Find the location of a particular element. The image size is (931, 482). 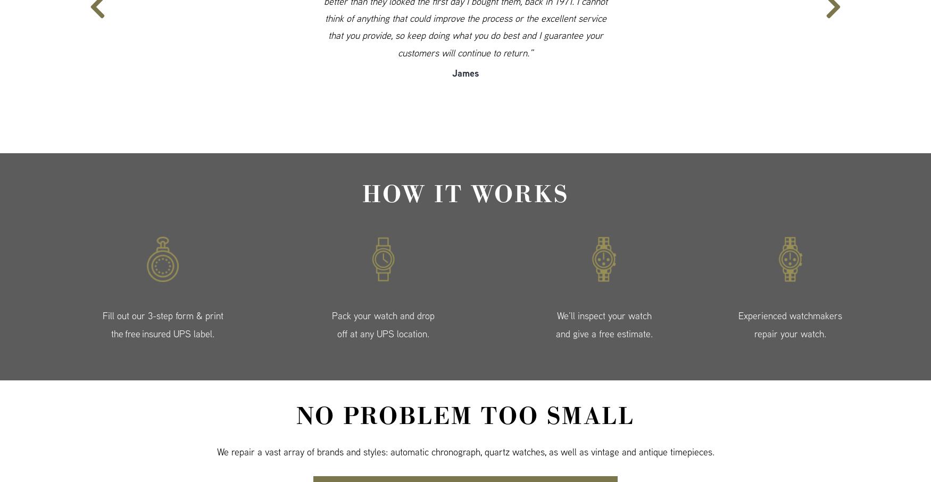

'off at any UPS location.' is located at coordinates (383, 334).